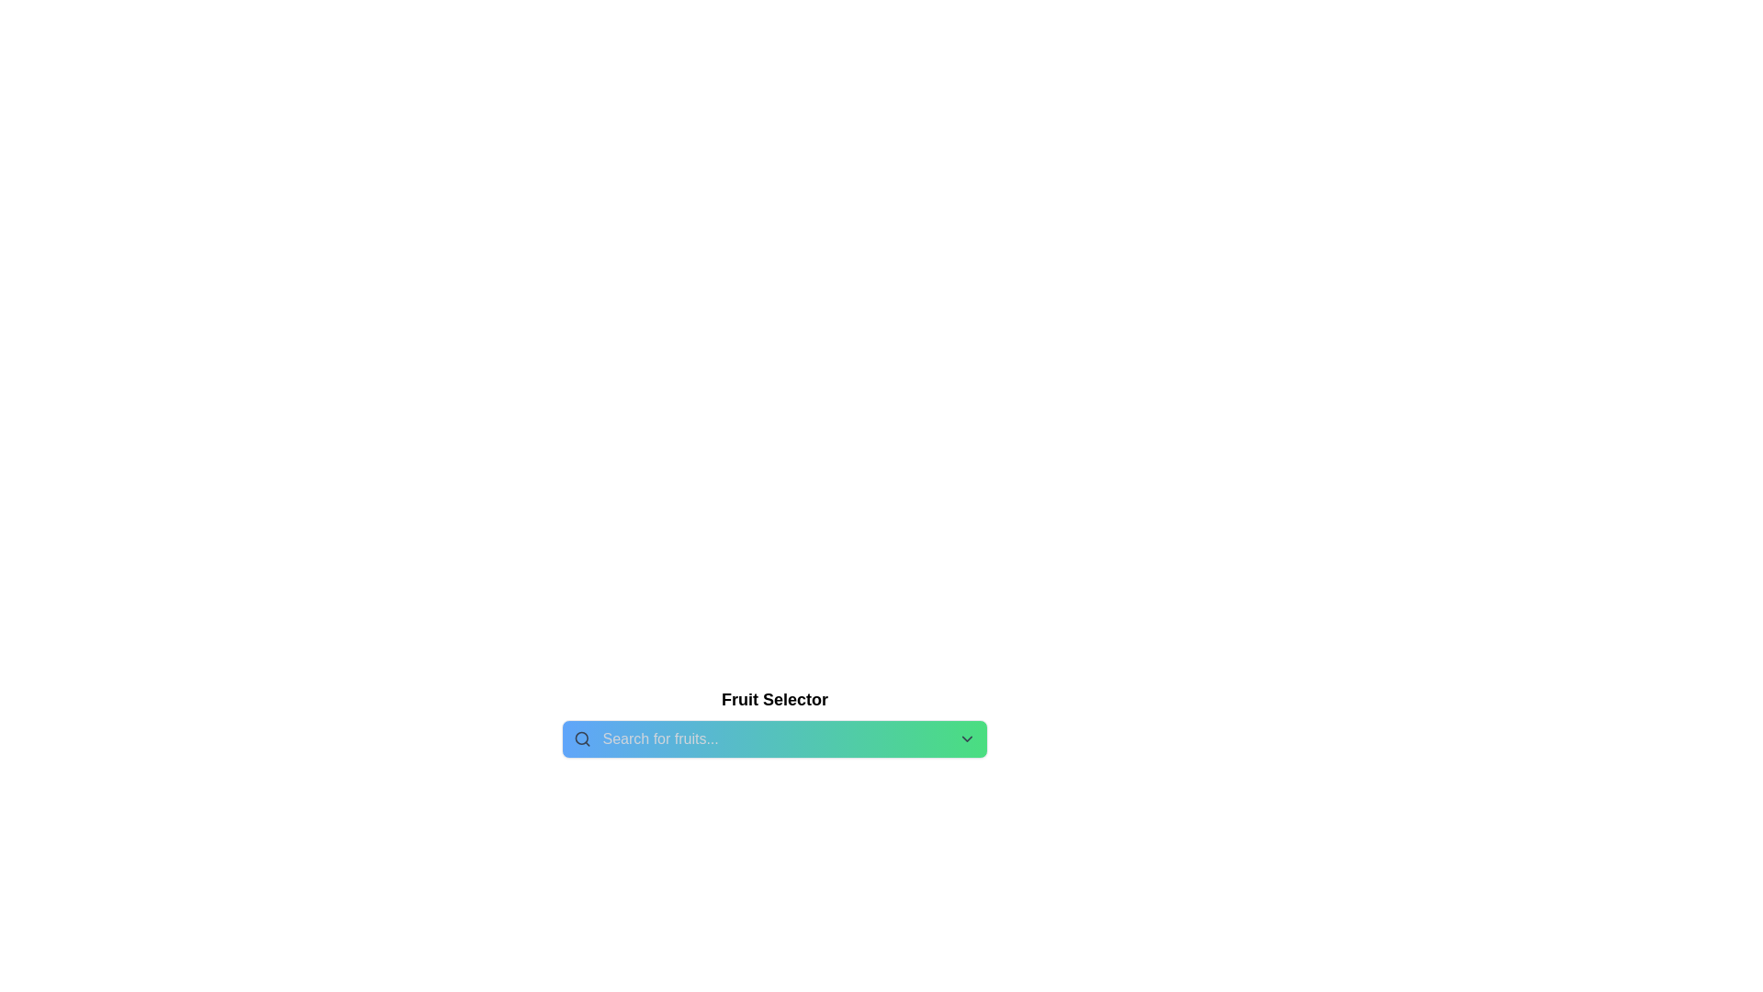 This screenshot has height=992, width=1763. I want to click on the magnifying glass icon's lens component located to the left of the search input text field, so click(580, 738).